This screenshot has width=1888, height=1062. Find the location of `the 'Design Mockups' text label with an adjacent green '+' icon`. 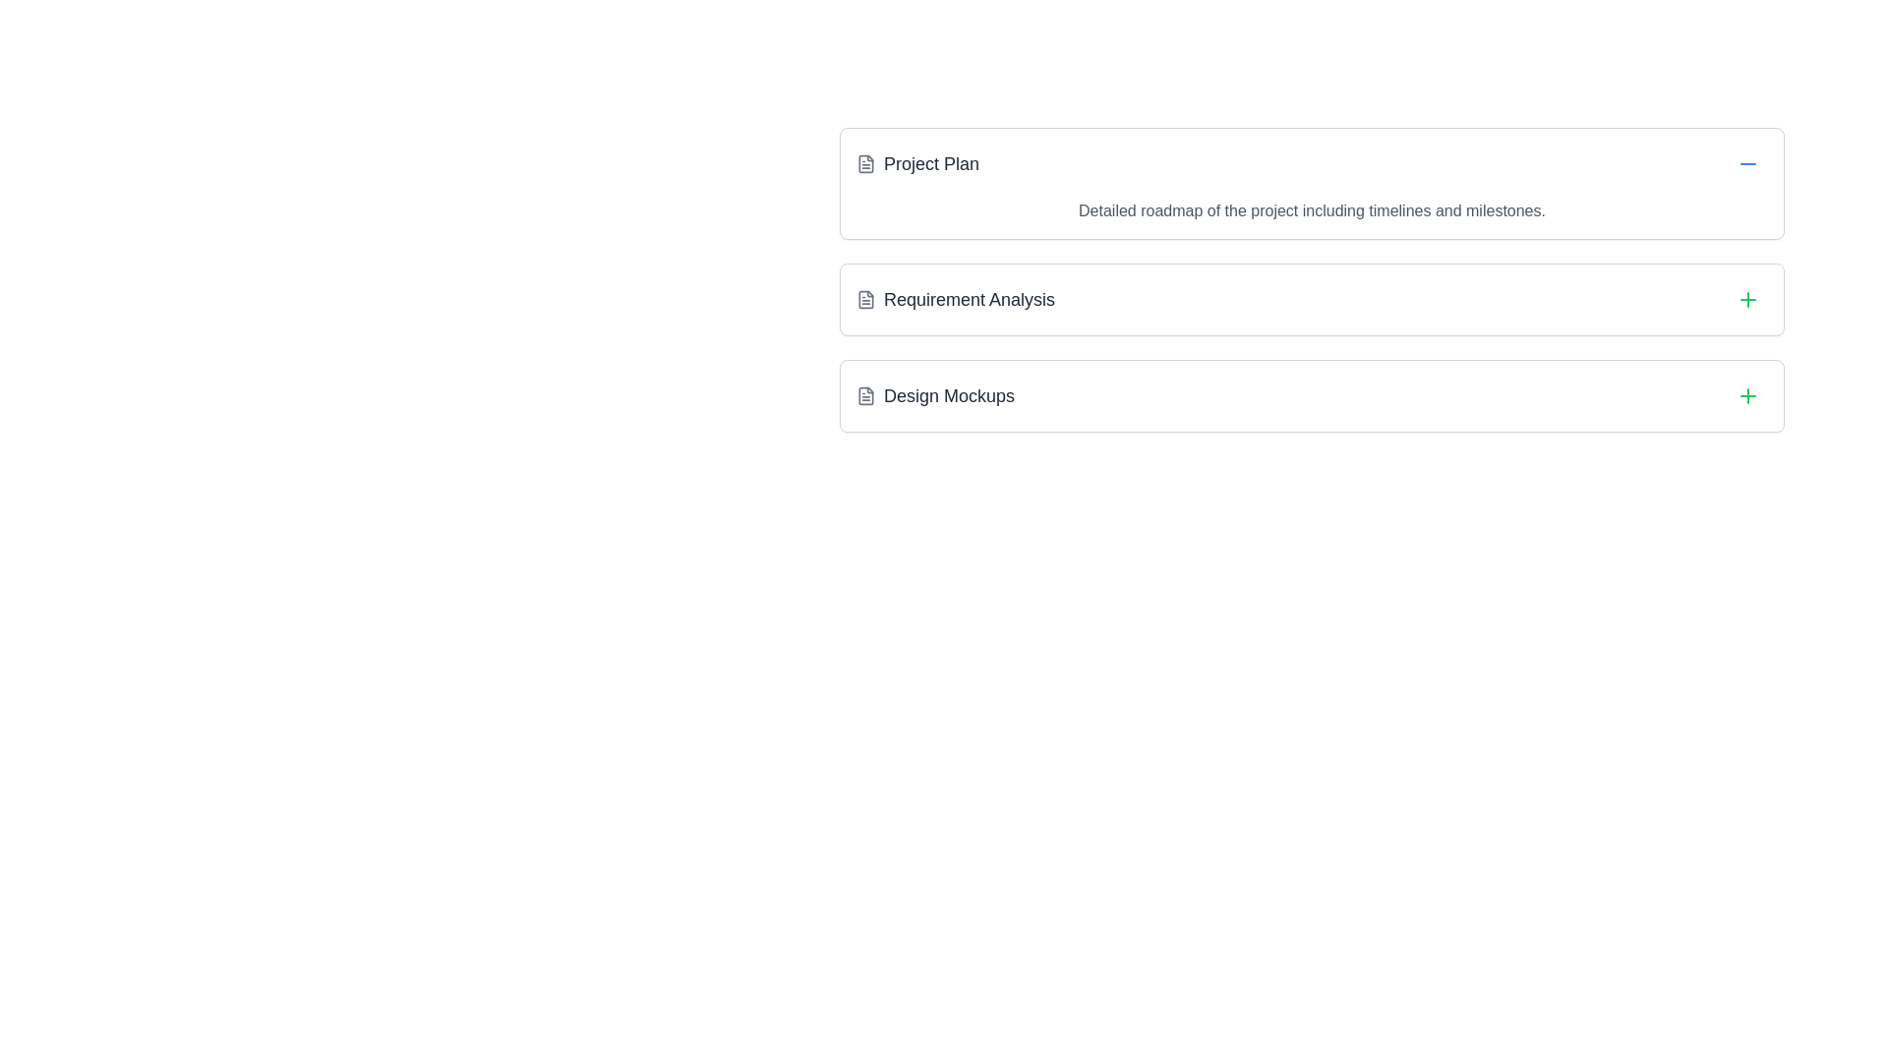

the 'Design Mockups' text label with an adjacent green '+' icon is located at coordinates (934, 395).